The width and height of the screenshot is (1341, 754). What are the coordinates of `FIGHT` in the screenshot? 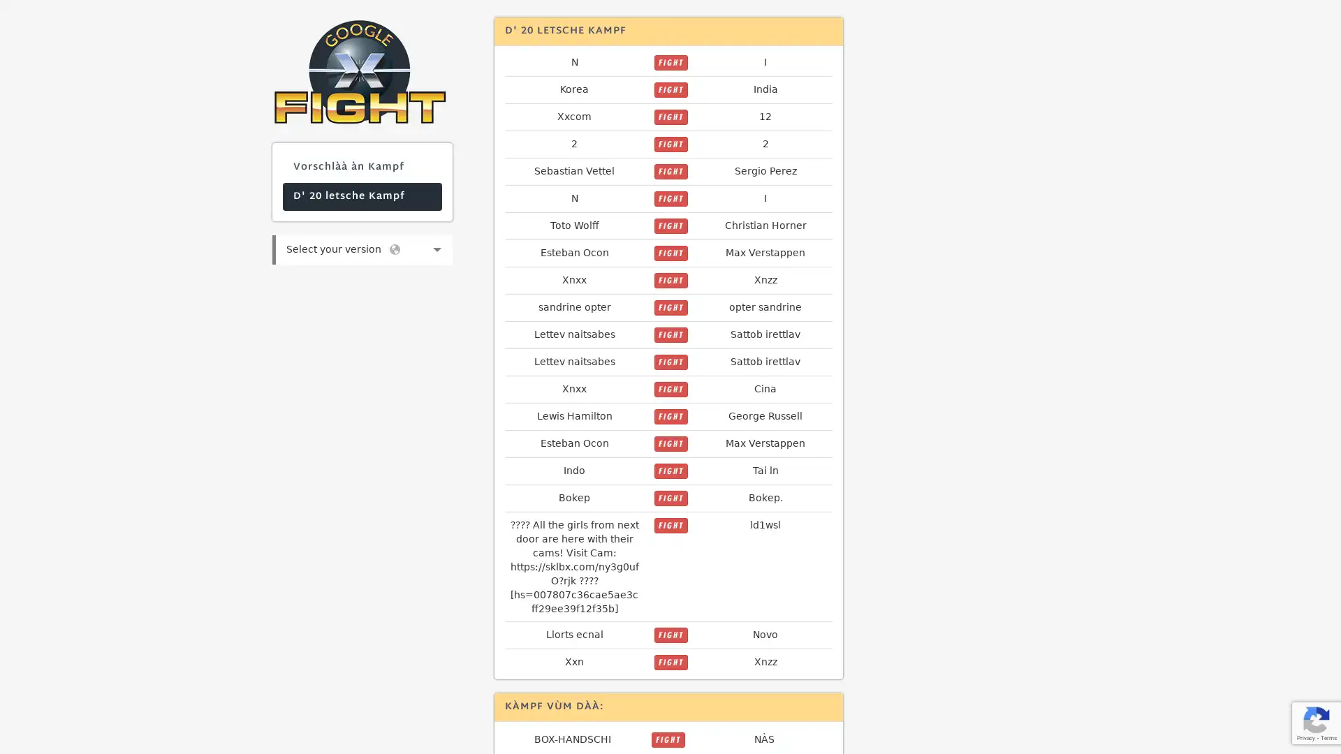 It's located at (670, 416).